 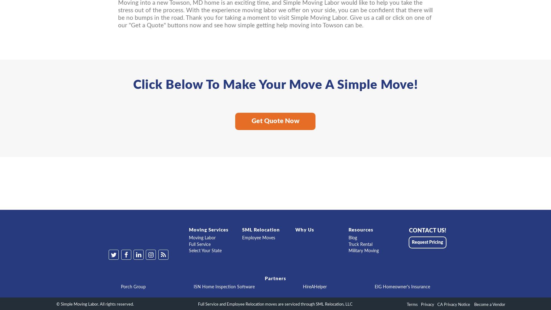 What do you see at coordinates (275, 85) in the screenshot?
I see `'Click below to make your move a simple move!'` at bounding box center [275, 85].